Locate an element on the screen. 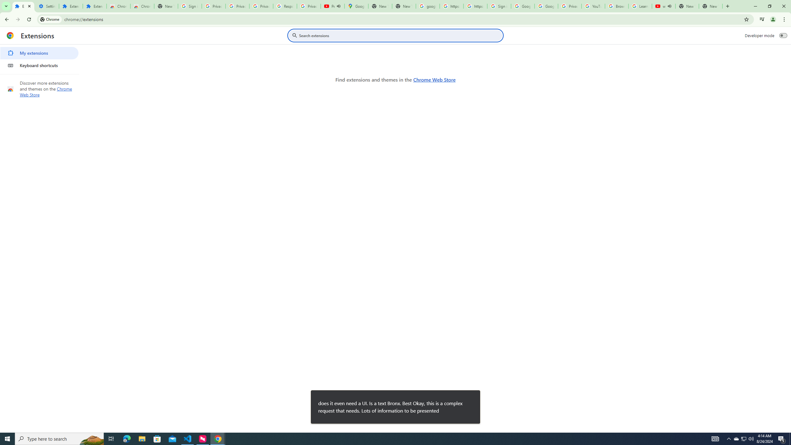 The image size is (791, 445). 'https://scholar.google.com/' is located at coordinates (451, 6).